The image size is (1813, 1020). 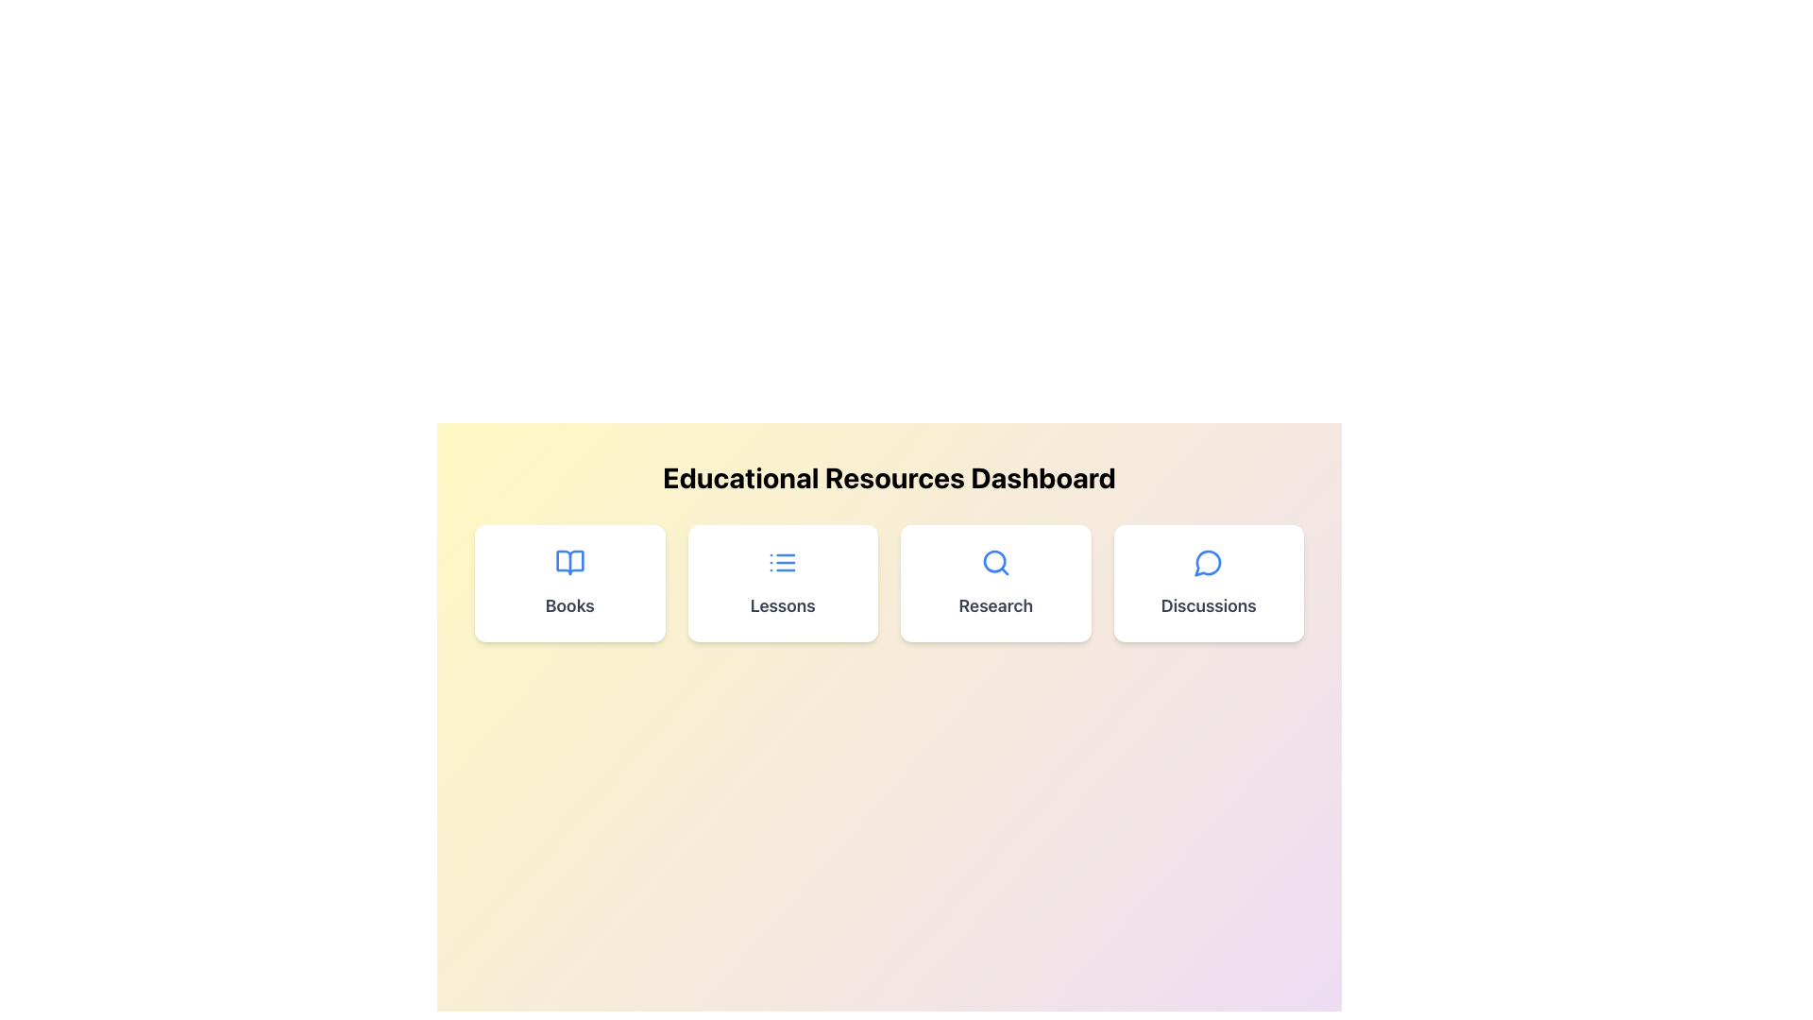 What do you see at coordinates (568, 562) in the screenshot?
I see `the 'Books' category icon located at the top center of the section, which is the first icon in a horizontal row of category icons` at bounding box center [568, 562].